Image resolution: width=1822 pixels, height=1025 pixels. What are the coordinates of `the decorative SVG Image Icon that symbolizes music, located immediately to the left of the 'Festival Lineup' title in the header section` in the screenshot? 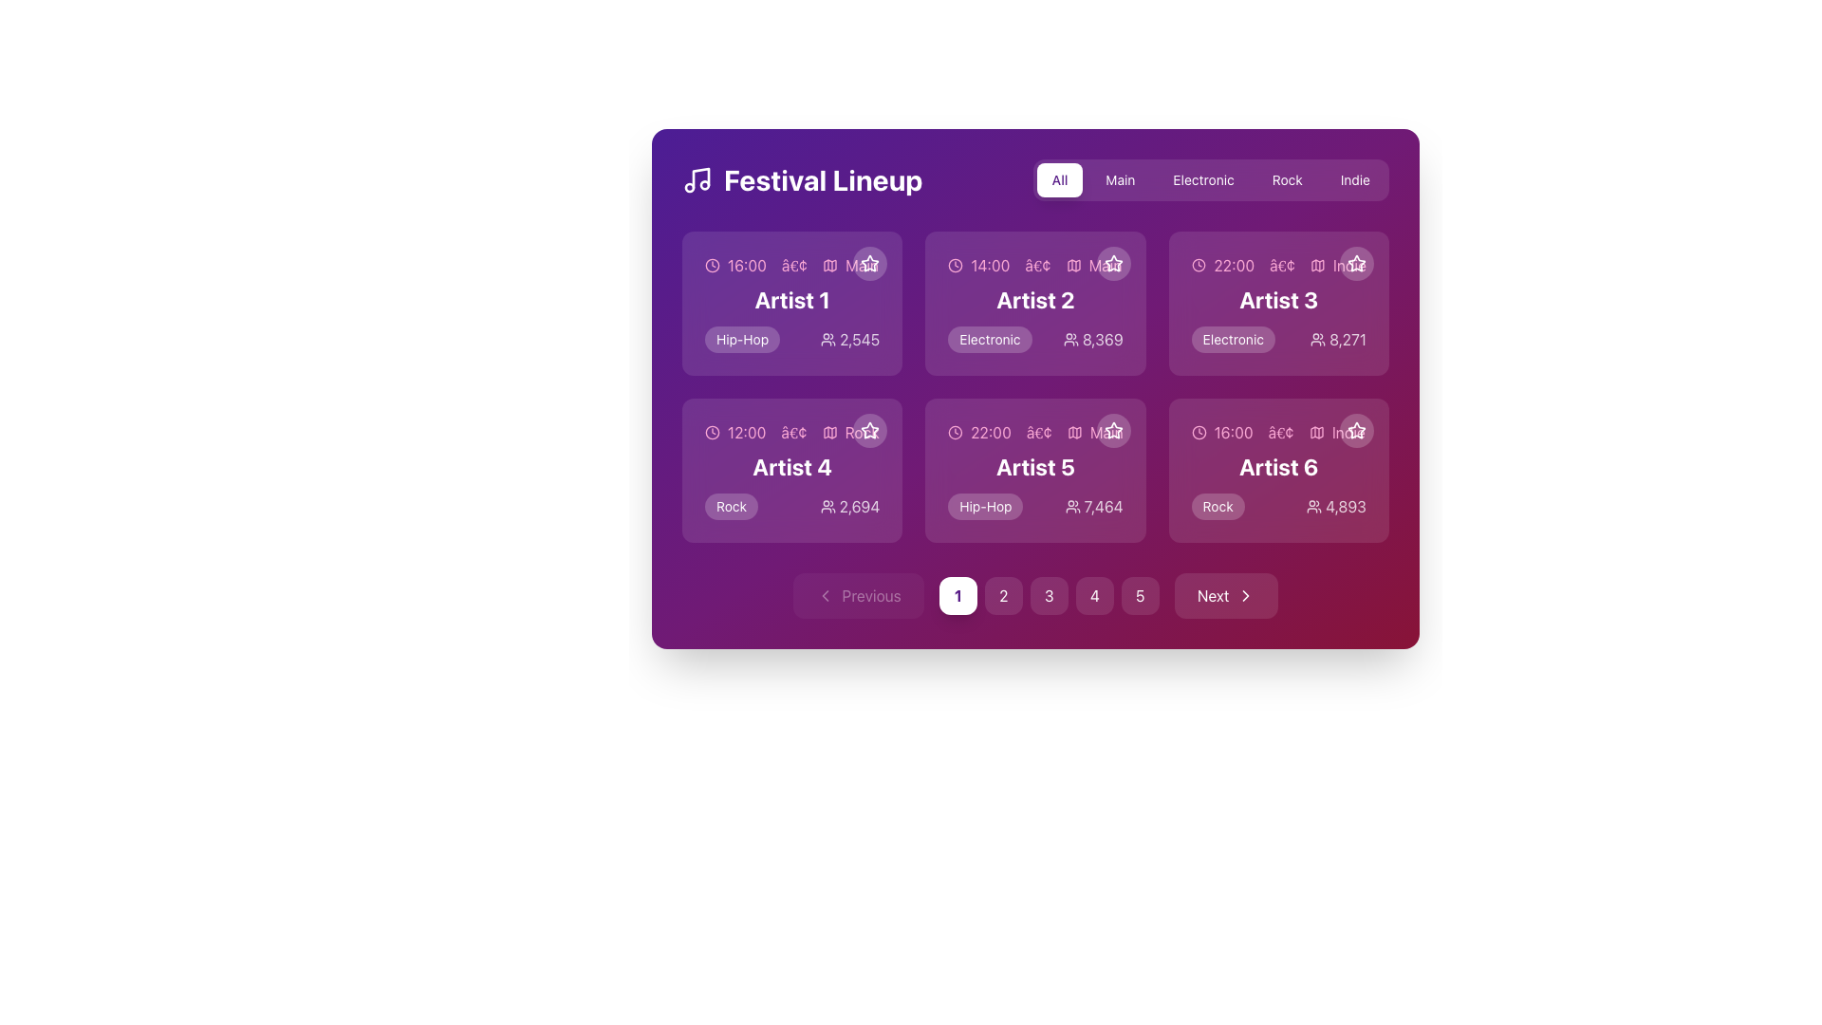 It's located at (700, 178).